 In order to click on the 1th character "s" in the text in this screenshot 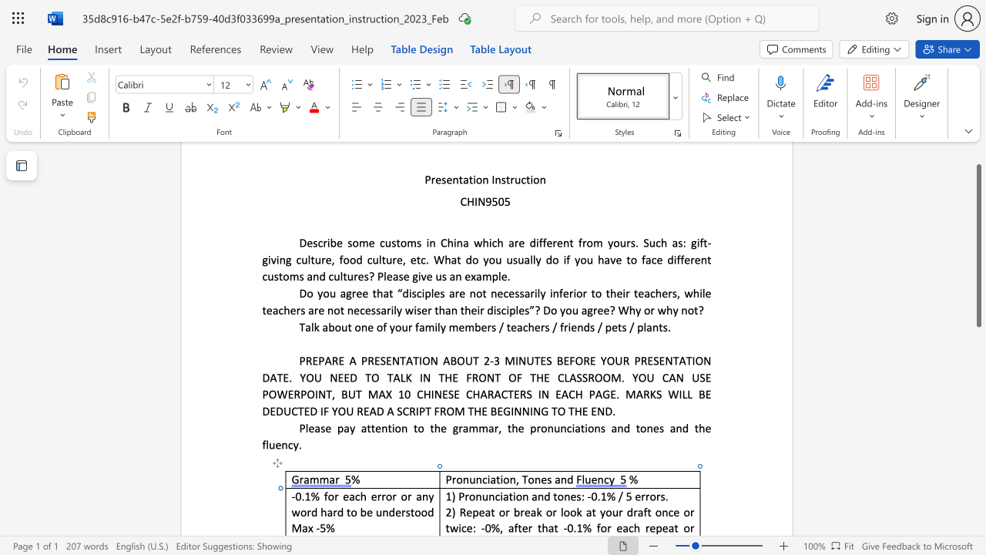, I will do `click(578, 496)`.